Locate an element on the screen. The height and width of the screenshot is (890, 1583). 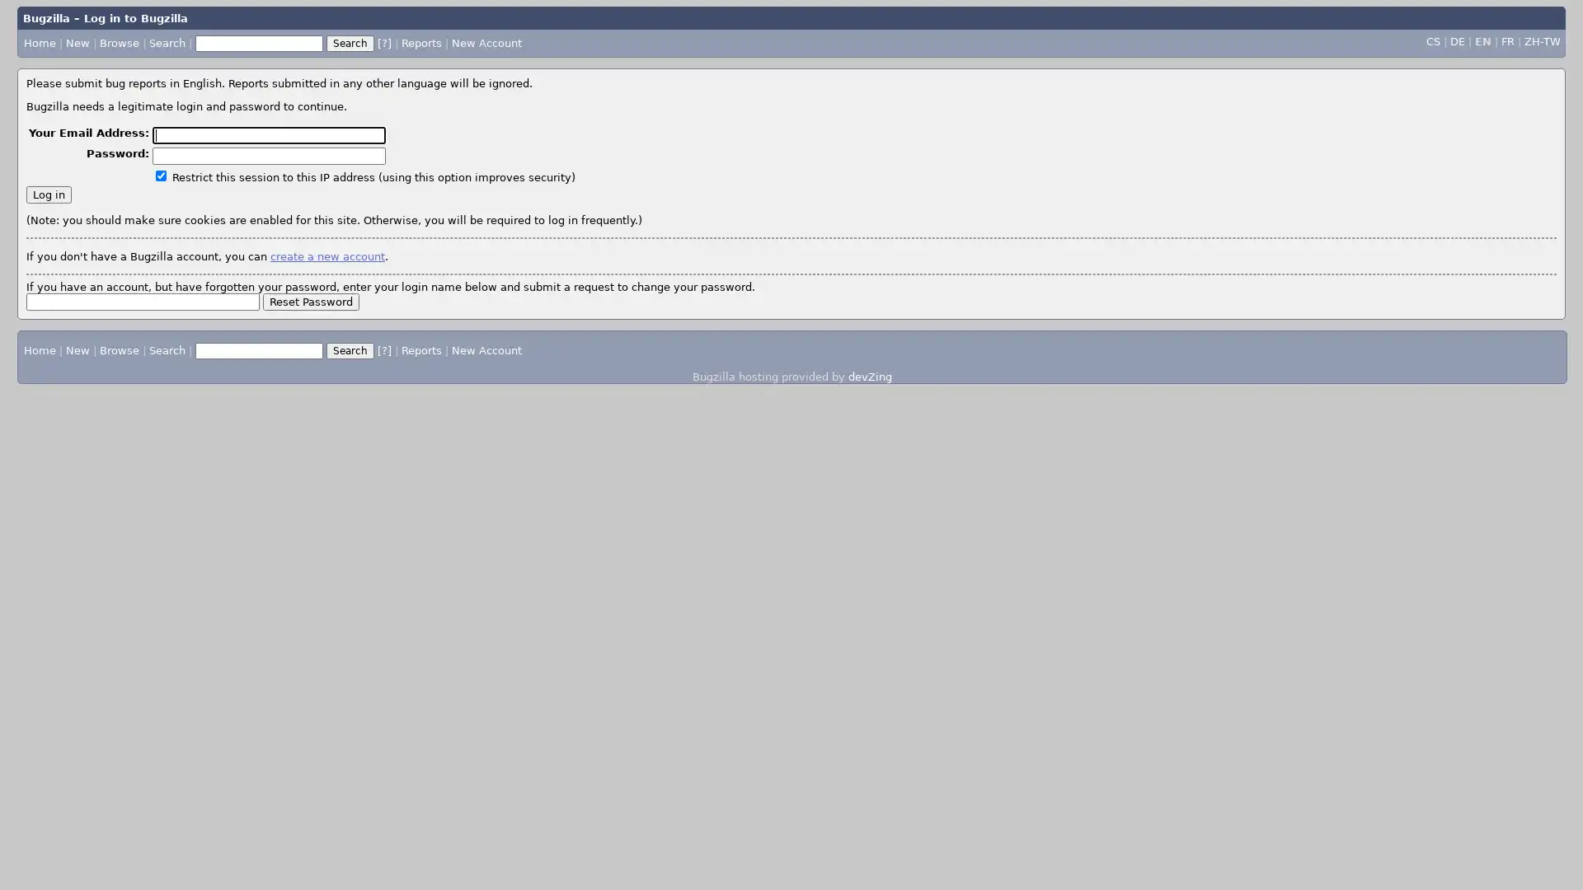
Search is located at coordinates (350, 349).